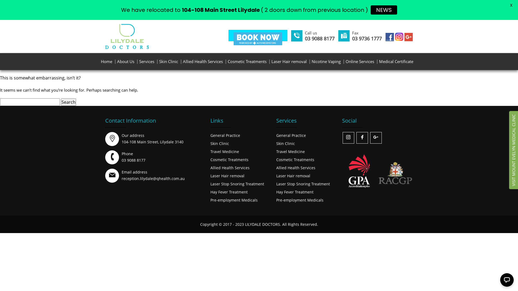 The height and width of the screenshot is (291, 518). Describe the element at coordinates (383, 10) in the screenshot. I see `'NEWS'` at that location.